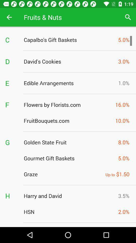 The height and width of the screenshot is (243, 136). Describe the element at coordinates (68, 120) in the screenshot. I see `item next to the 10.0% icon` at that location.